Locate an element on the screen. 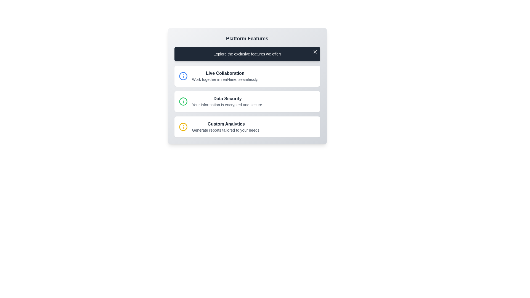 The height and width of the screenshot is (298, 530). the icon located to the left of the 'Live Collaboration' title in the topmost feature card is located at coordinates (183, 76).